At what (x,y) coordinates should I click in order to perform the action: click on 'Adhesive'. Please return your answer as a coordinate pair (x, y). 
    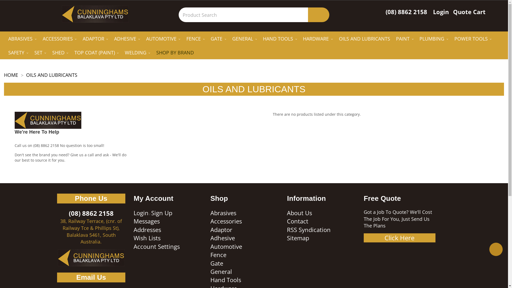
    Looking at the image, I should click on (223, 237).